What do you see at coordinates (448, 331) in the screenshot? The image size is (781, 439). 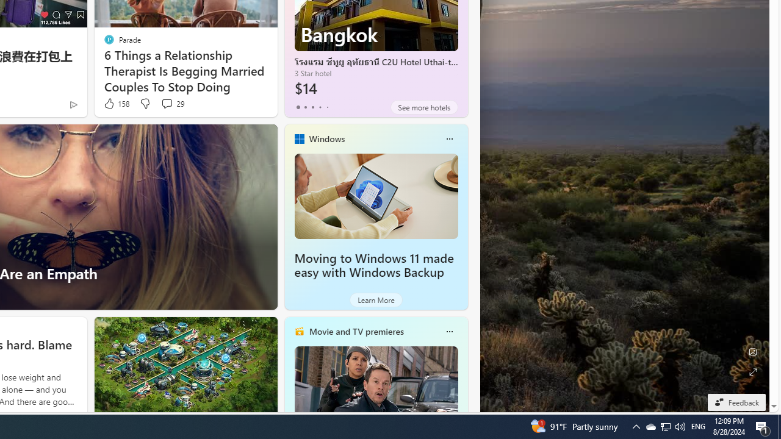 I see `'Class: icon-img'` at bounding box center [448, 331].